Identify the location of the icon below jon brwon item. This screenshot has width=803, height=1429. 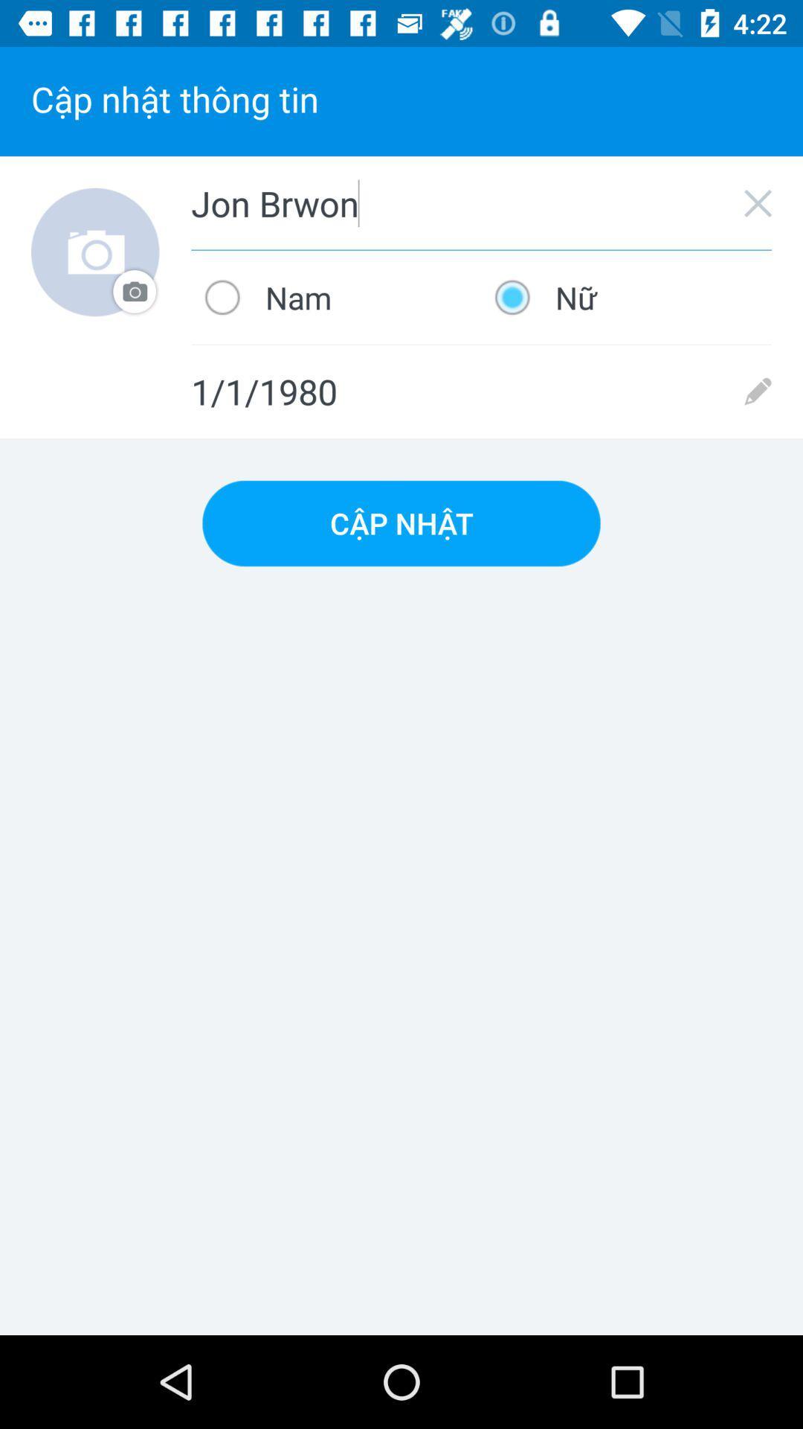
(336, 297).